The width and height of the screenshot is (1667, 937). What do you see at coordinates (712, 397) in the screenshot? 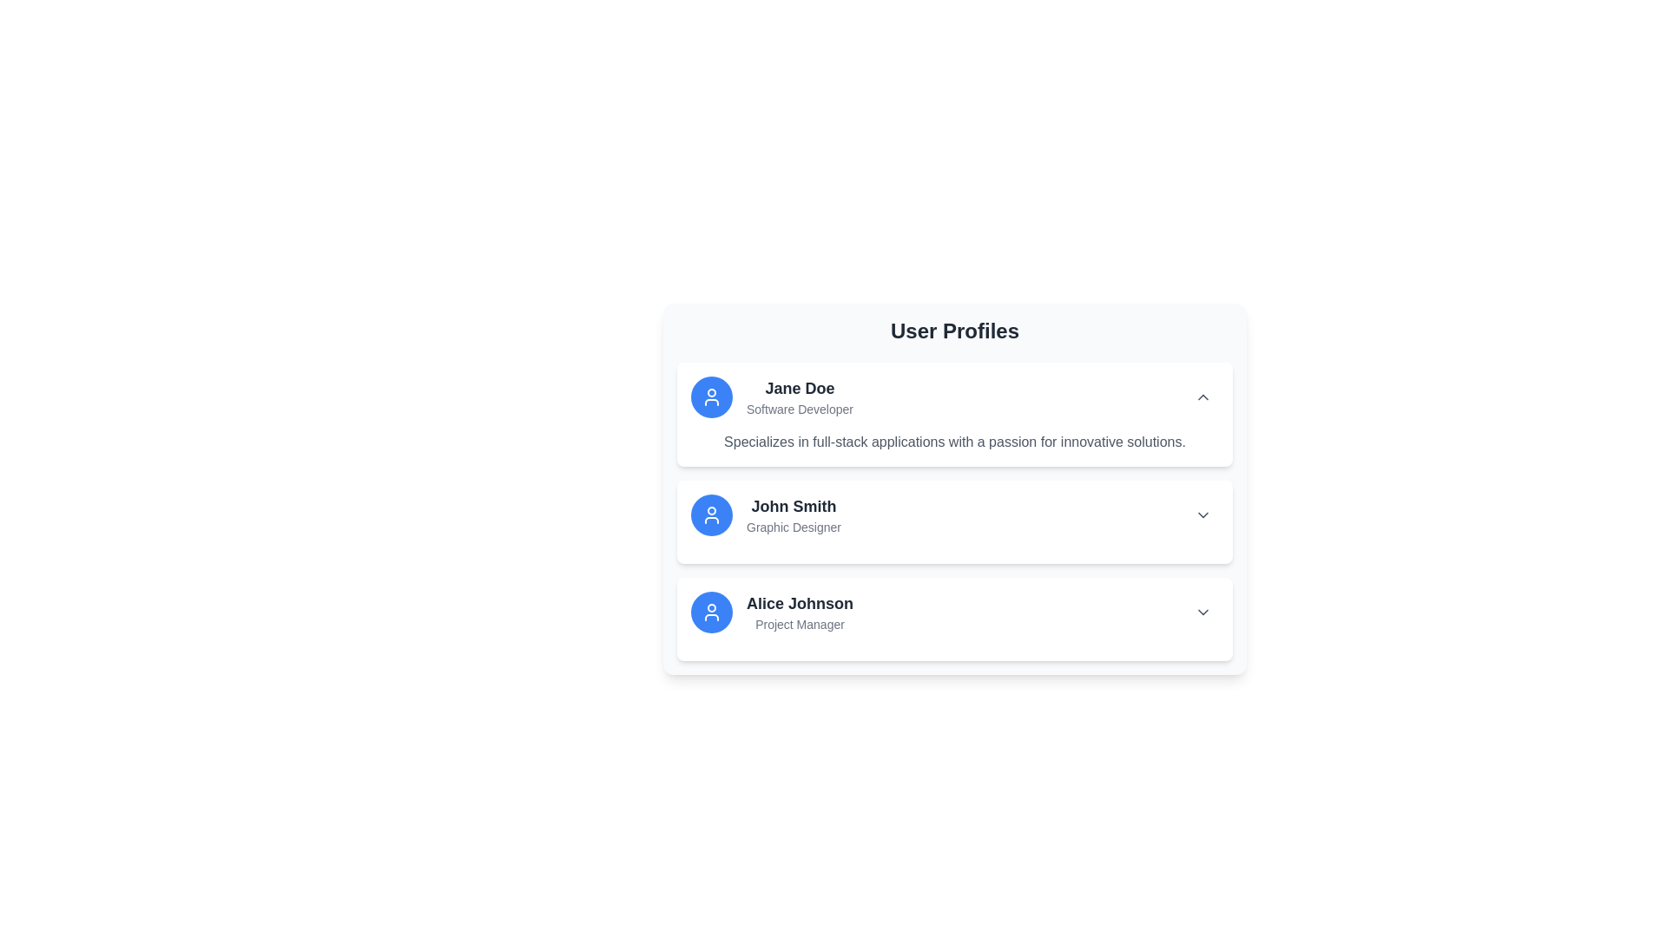
I see `the circular blue icon on the left side of the user profile card labeled 'Jane Doe' in the 'User Profiles' section` at bounding box center [712, 397].